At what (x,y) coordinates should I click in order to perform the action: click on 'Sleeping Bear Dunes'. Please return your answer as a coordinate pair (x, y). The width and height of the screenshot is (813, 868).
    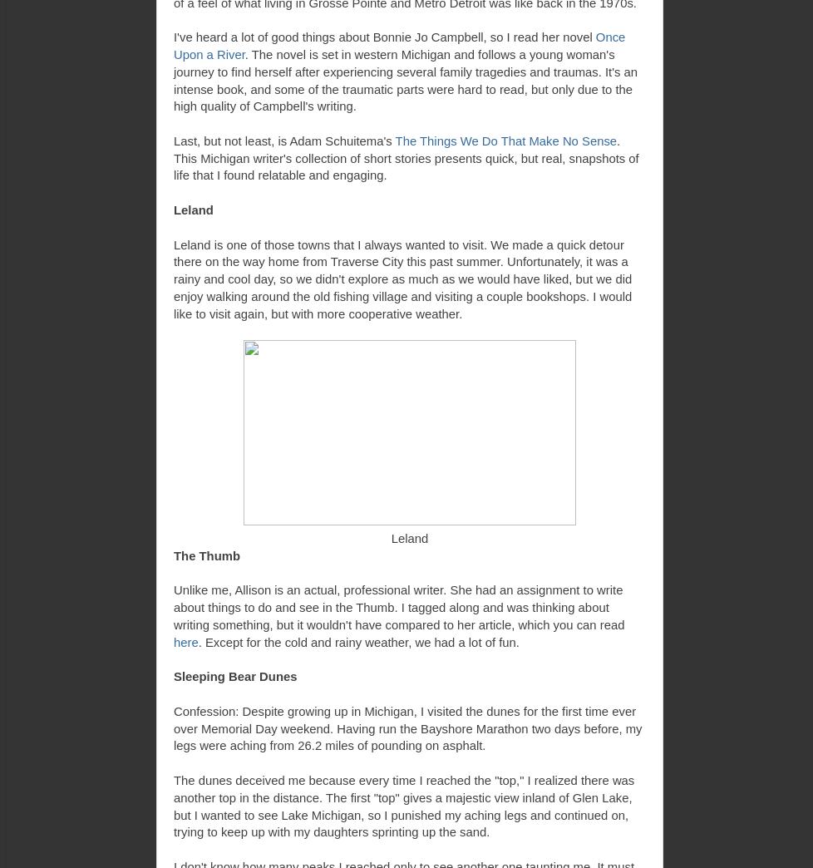
    Looking at the image, I should click on (234, 676).